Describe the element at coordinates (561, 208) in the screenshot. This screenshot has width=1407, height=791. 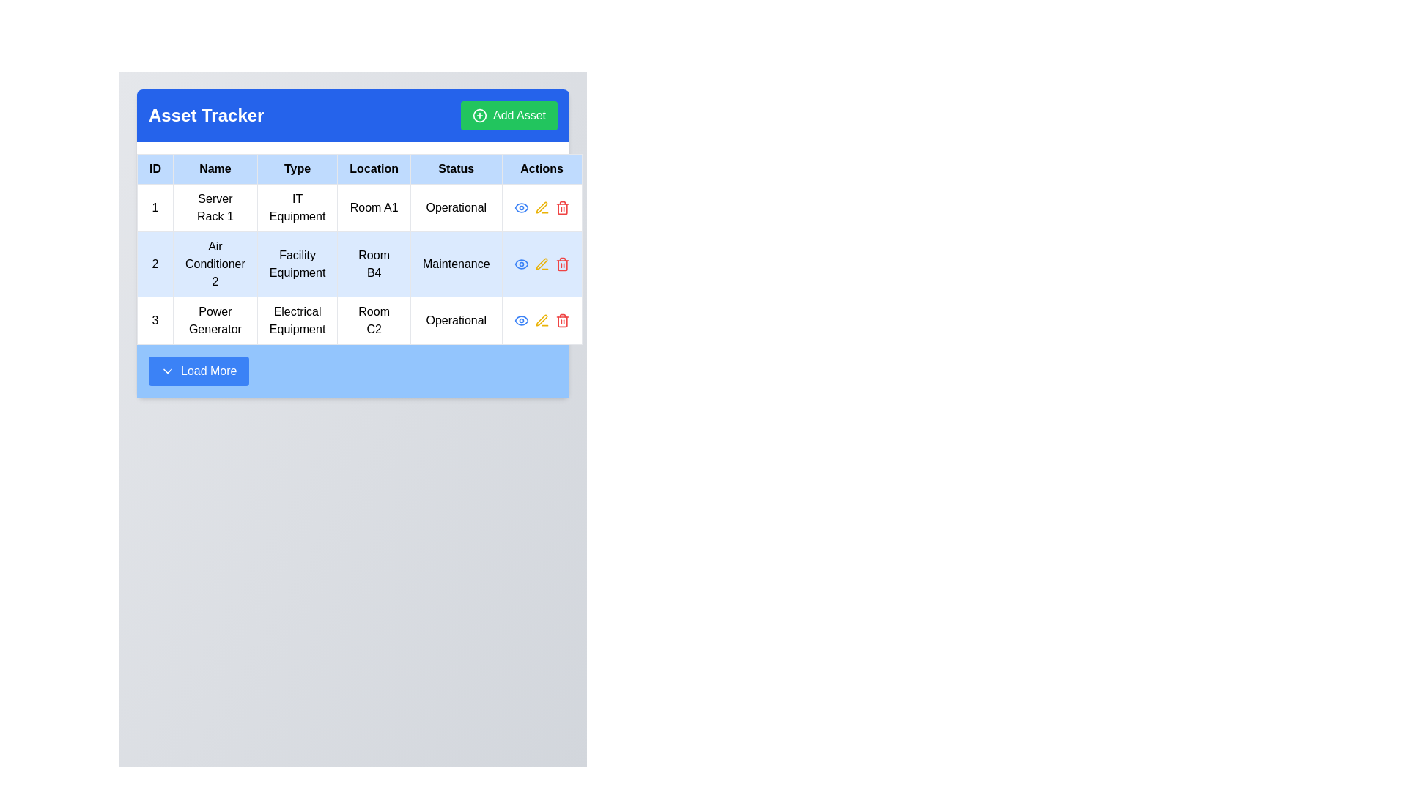
I see `the red trash bin button located at the top right of the 'Actions' column in the second row of the table` at that location.